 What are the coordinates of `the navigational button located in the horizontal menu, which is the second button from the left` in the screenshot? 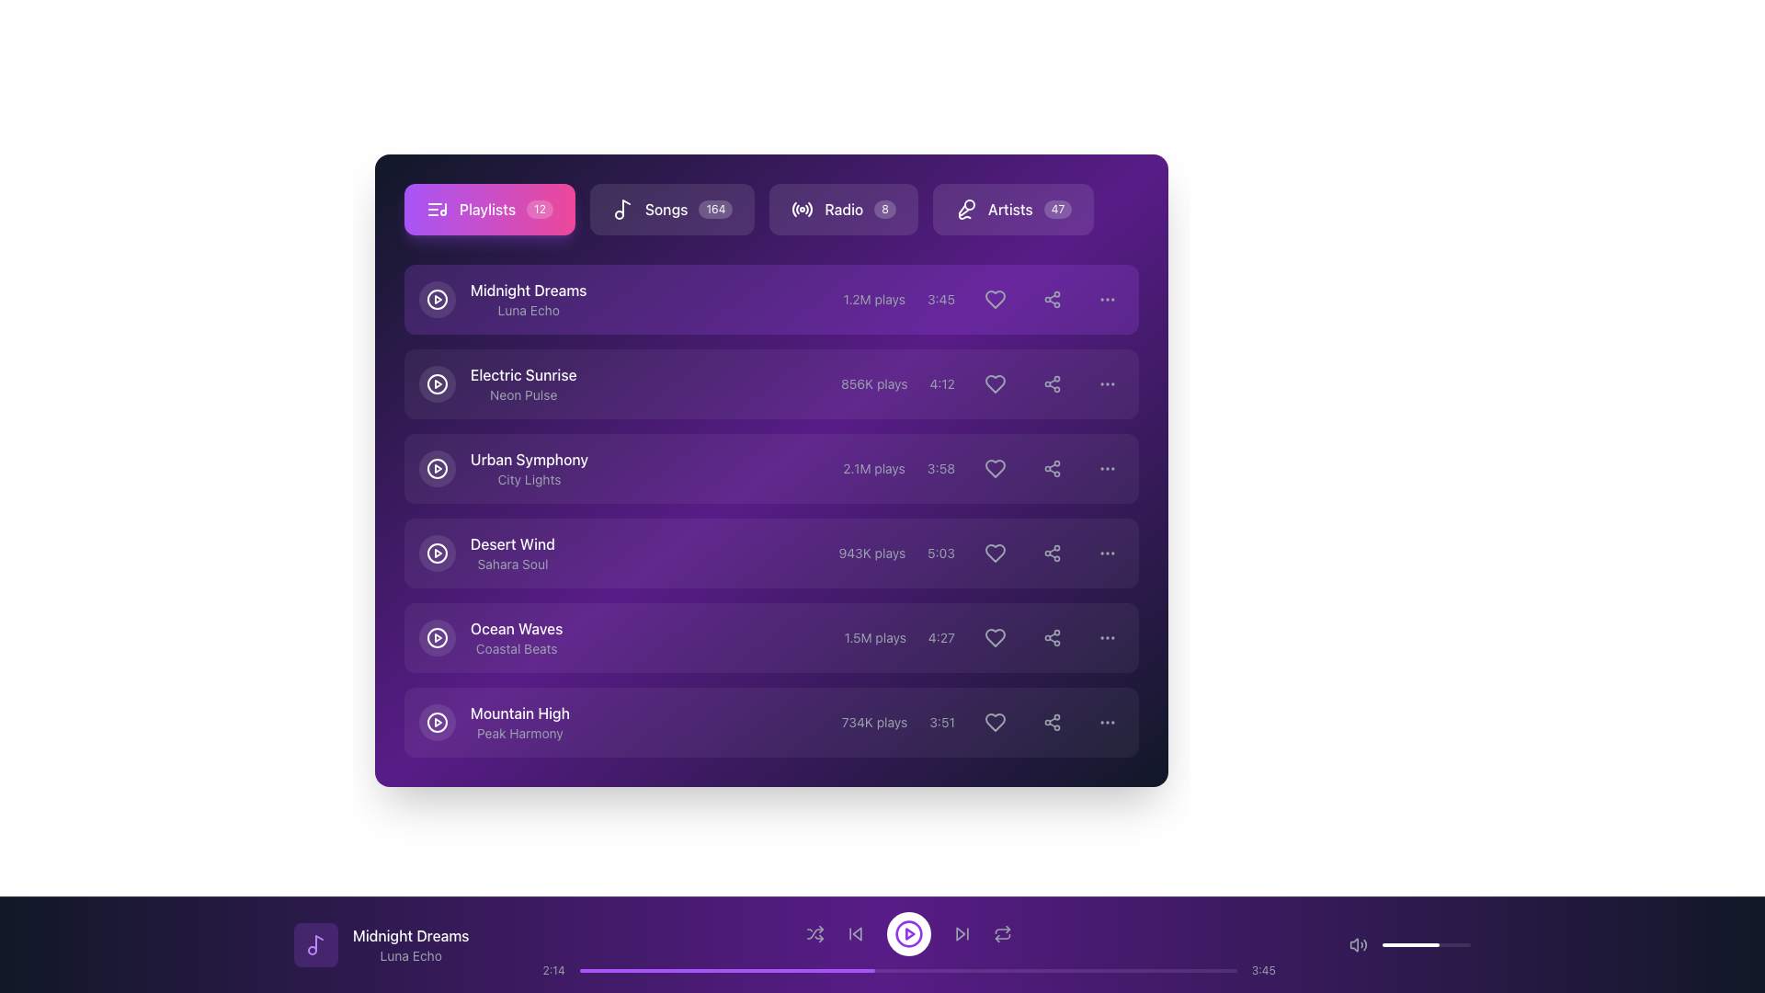 It's located at (749, 208).